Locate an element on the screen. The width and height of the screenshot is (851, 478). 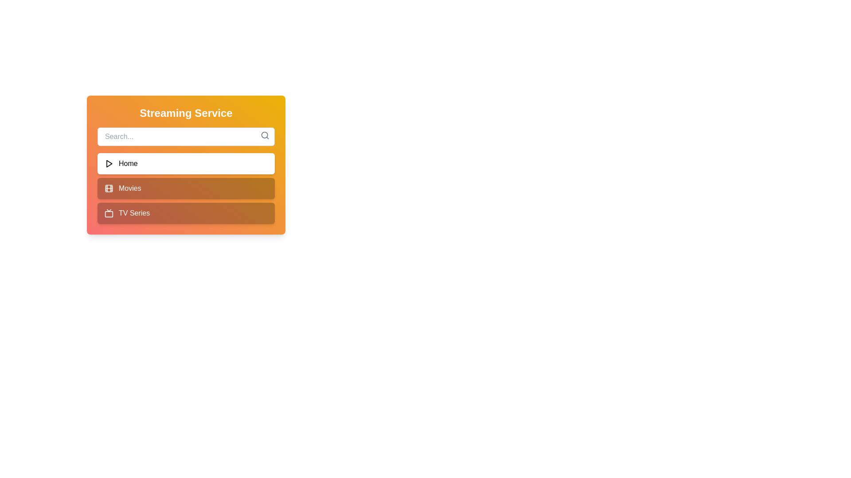
the television icon within the 'TV Series' button, which is located at the top-left corner of the button, displaying a simple outline design in white against a reddish background is located at coordinates (108, 213).